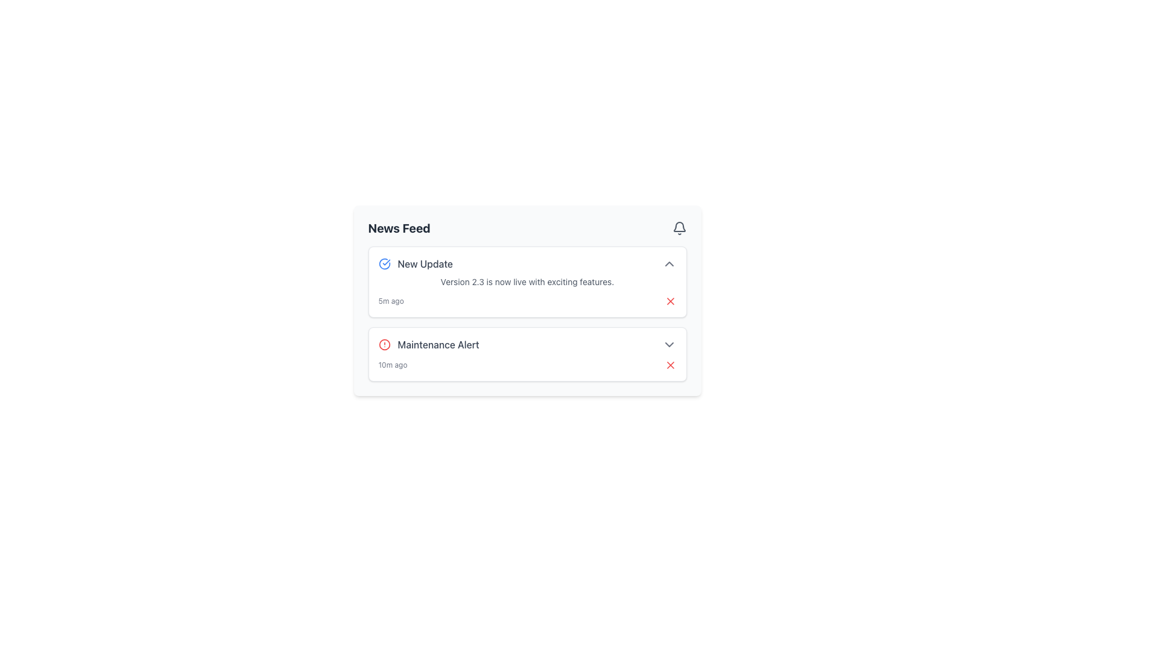 The width and height of the screenshot is (1158, 651). Describe the element at coordinates (428, 344) in the screenshot. I see `the Text with Icon Label that indicates a maintenance alert, located within the second information card below the 'News Feed' header` at that location.